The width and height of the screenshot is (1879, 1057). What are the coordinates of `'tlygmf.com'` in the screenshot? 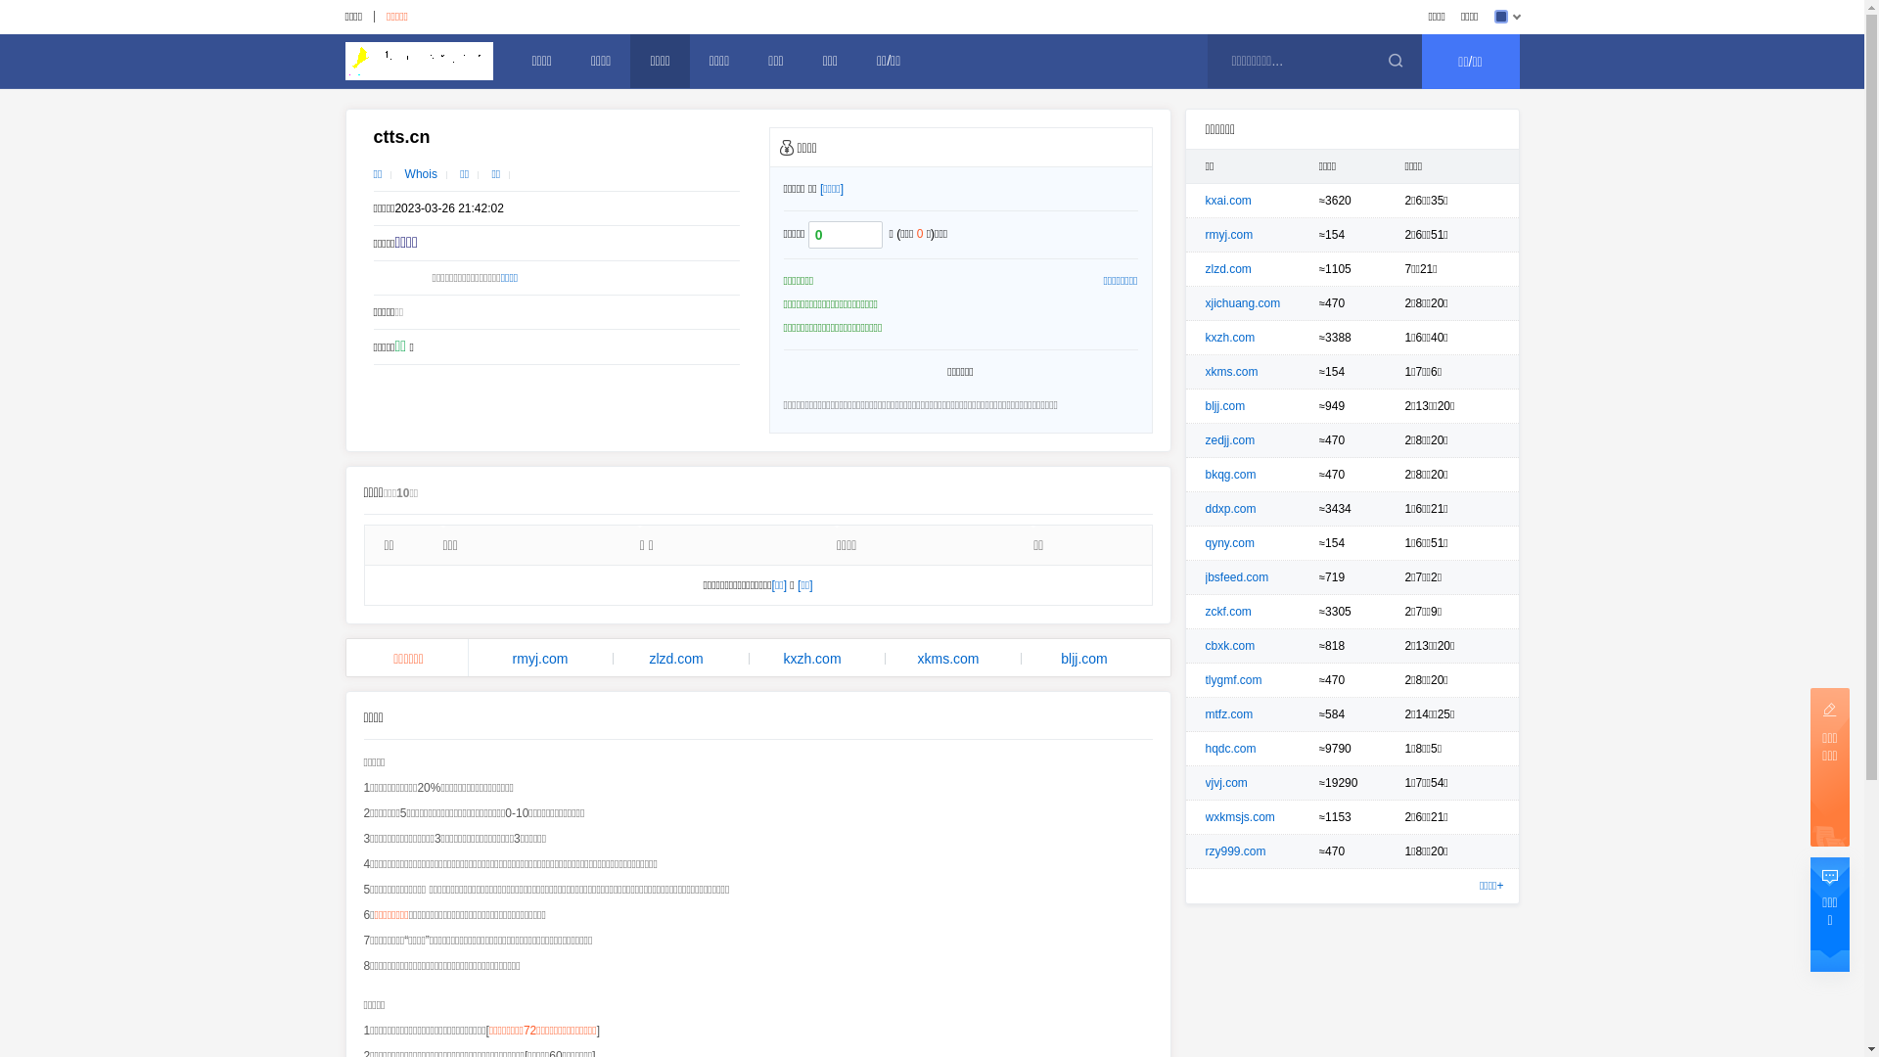 It's located at (1205, 678).